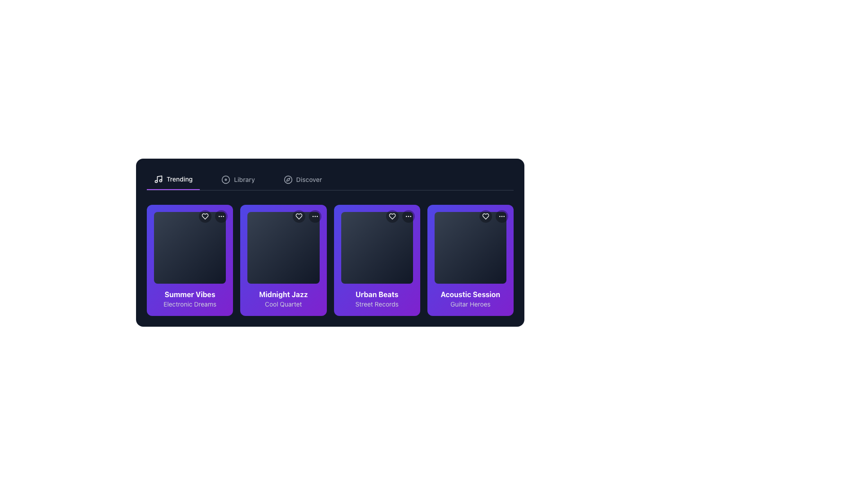  Describe the element at coordinates (221, 216) in the screenshot. I see `the menu icon located in the top-right corner of the 'Summer Vibes' card by 'Electronic Dreams'` at that location.